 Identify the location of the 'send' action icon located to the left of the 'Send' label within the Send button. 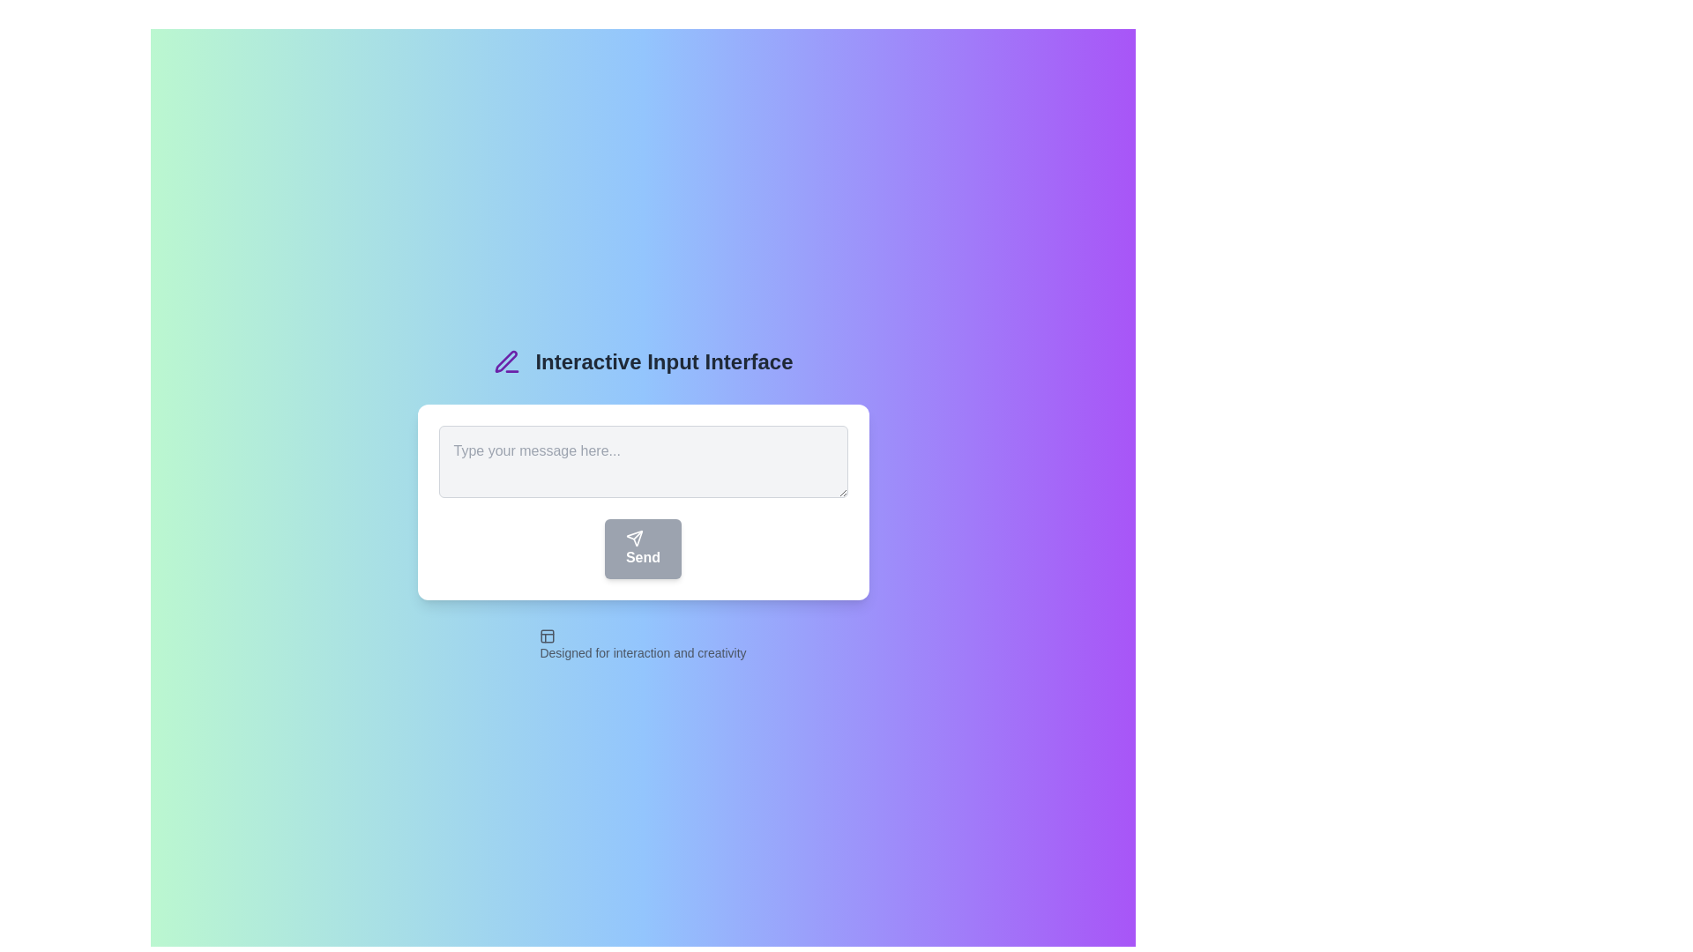
(635, 537).